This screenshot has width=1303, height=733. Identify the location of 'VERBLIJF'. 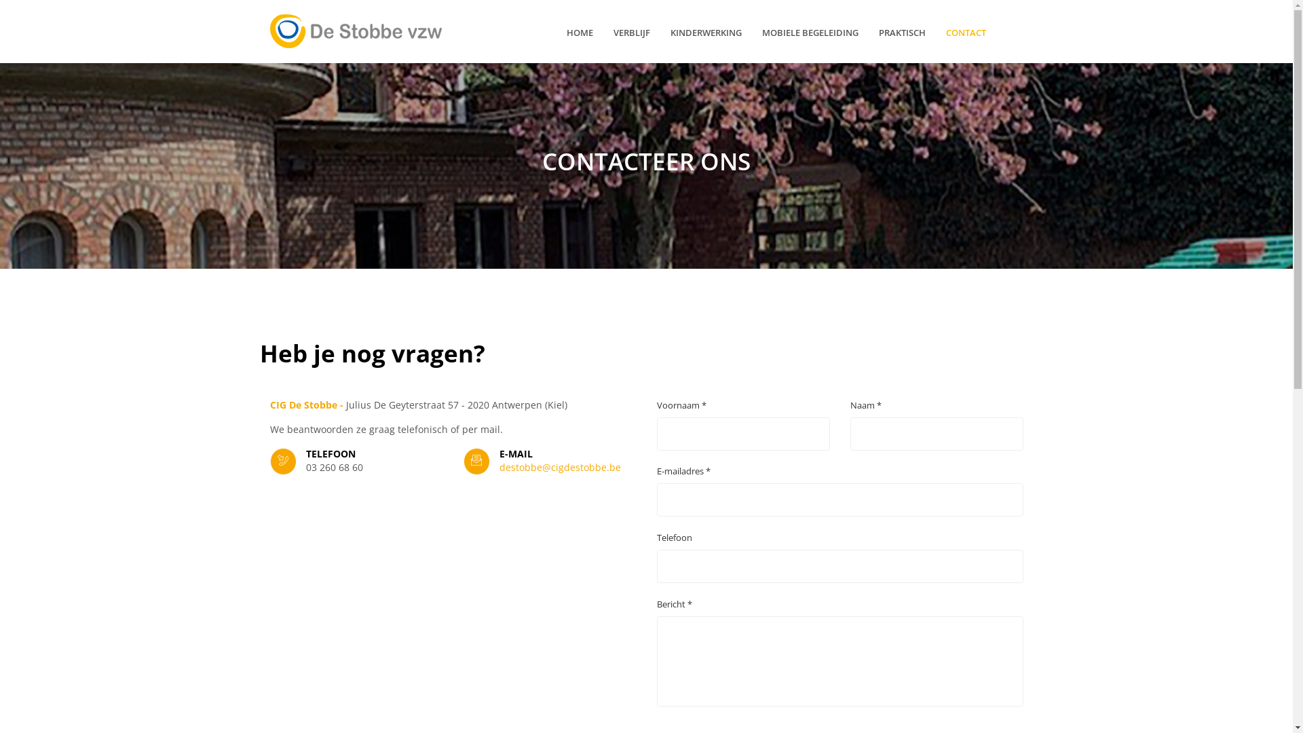
(631, 32).